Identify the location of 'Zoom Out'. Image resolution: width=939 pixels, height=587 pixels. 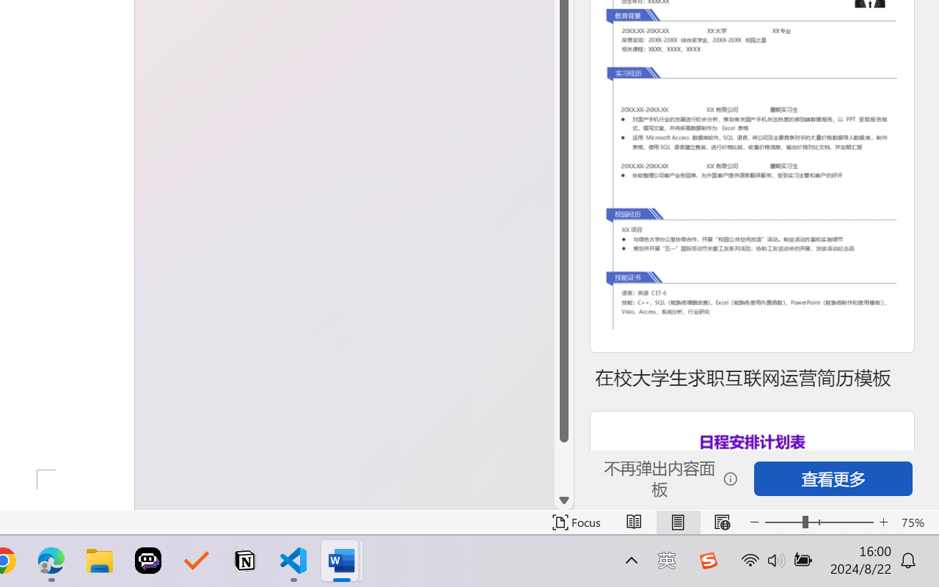
(783, 522).